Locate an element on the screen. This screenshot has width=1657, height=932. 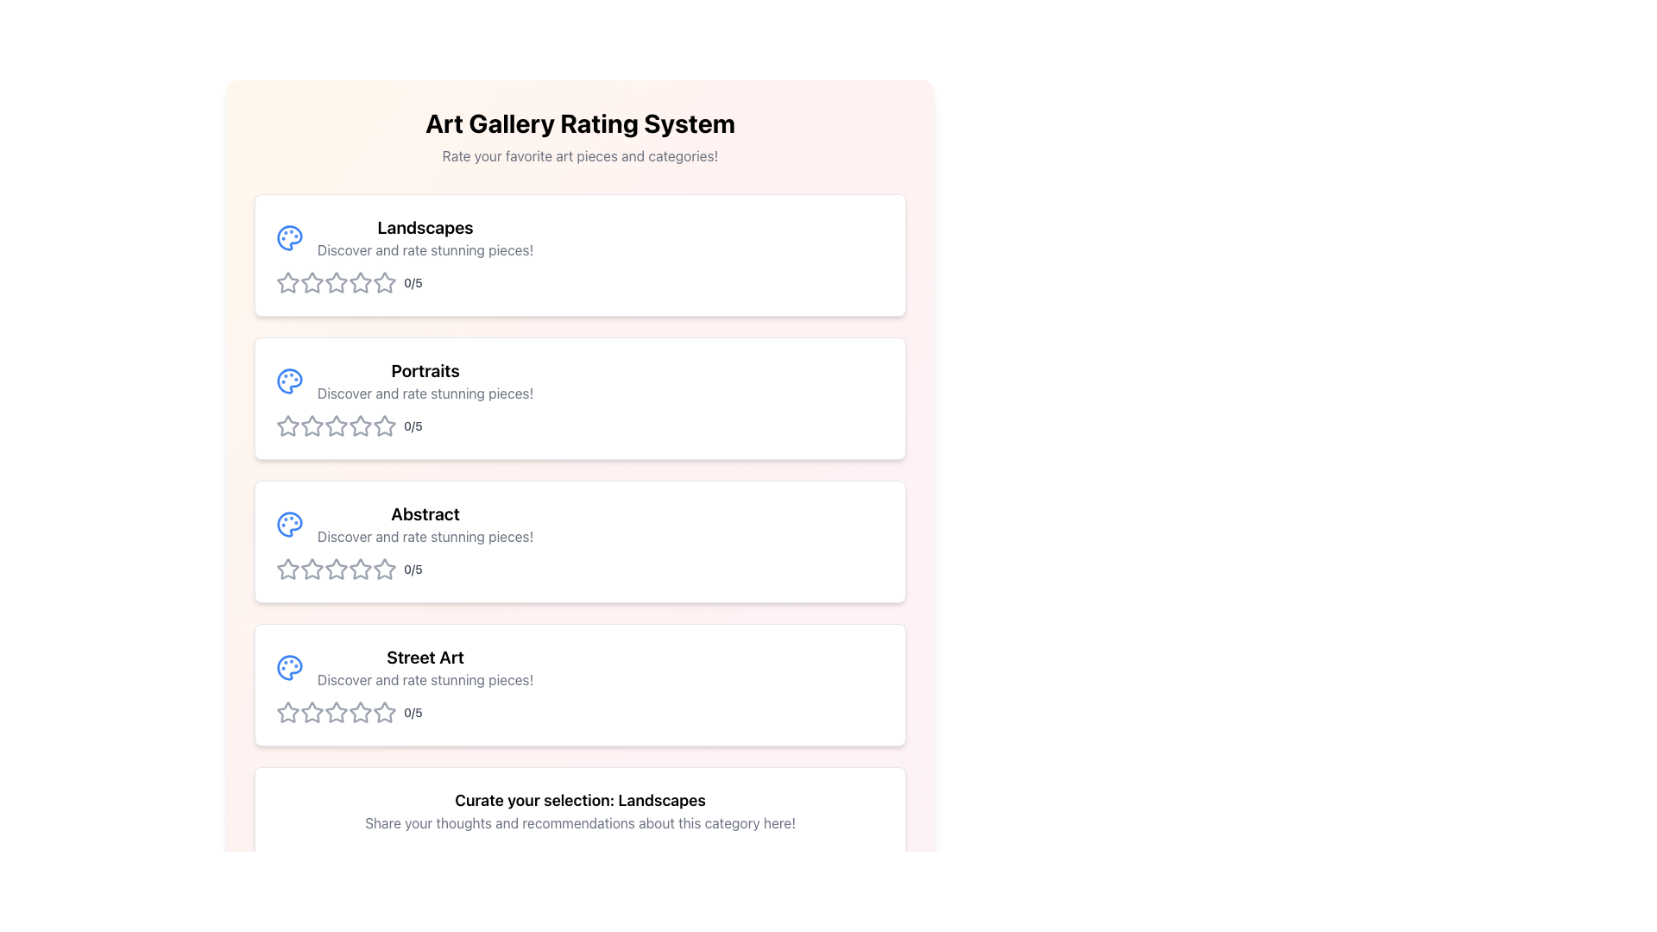
the circular painter's palette icon, which is blue and located to the left of the 'Landscapes' text, if it is interactive is located at coordinates (290, 238).